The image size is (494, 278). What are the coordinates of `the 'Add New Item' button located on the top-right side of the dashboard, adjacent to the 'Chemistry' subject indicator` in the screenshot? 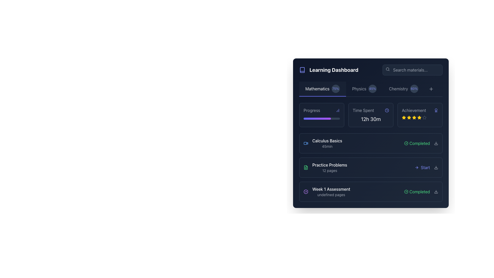 It's located at (431, 89).